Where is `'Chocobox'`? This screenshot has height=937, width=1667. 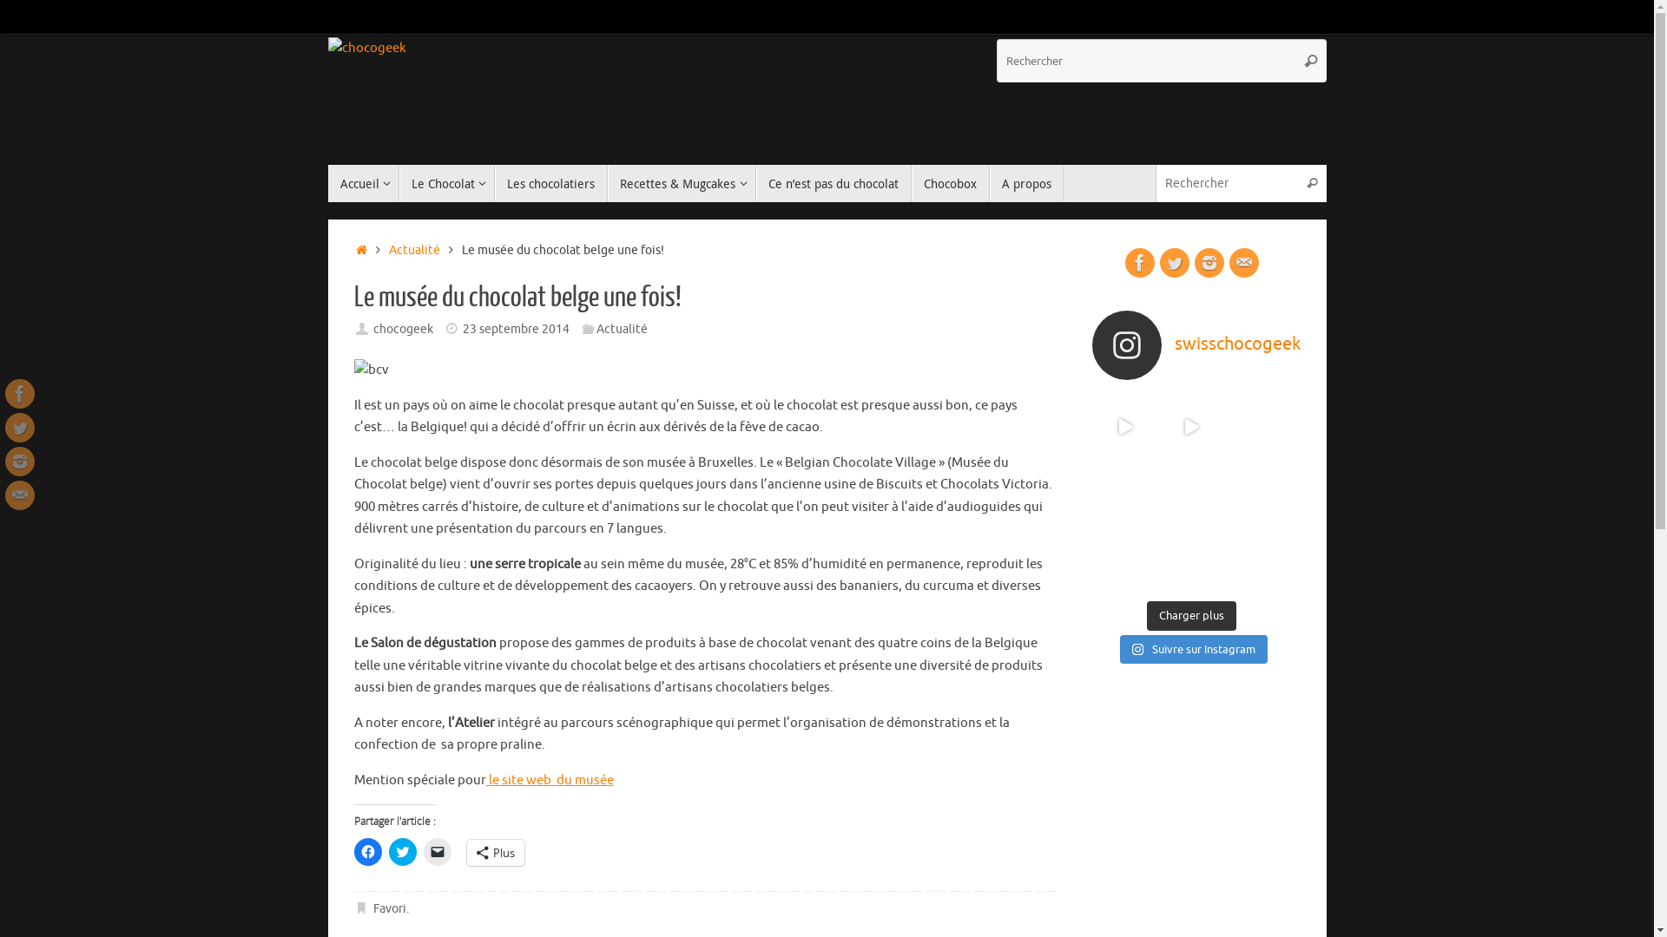 'Chocobox' is located at coordinates (911, 183).